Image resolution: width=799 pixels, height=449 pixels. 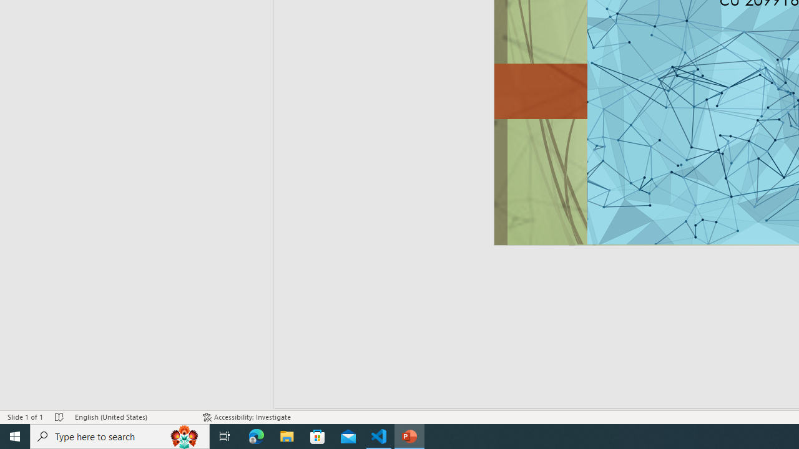 What do you see at coordinates (409, 435) in the screenshot?
I see `'PowerPoint - 1 running window'` at bounding box center [409, 435].